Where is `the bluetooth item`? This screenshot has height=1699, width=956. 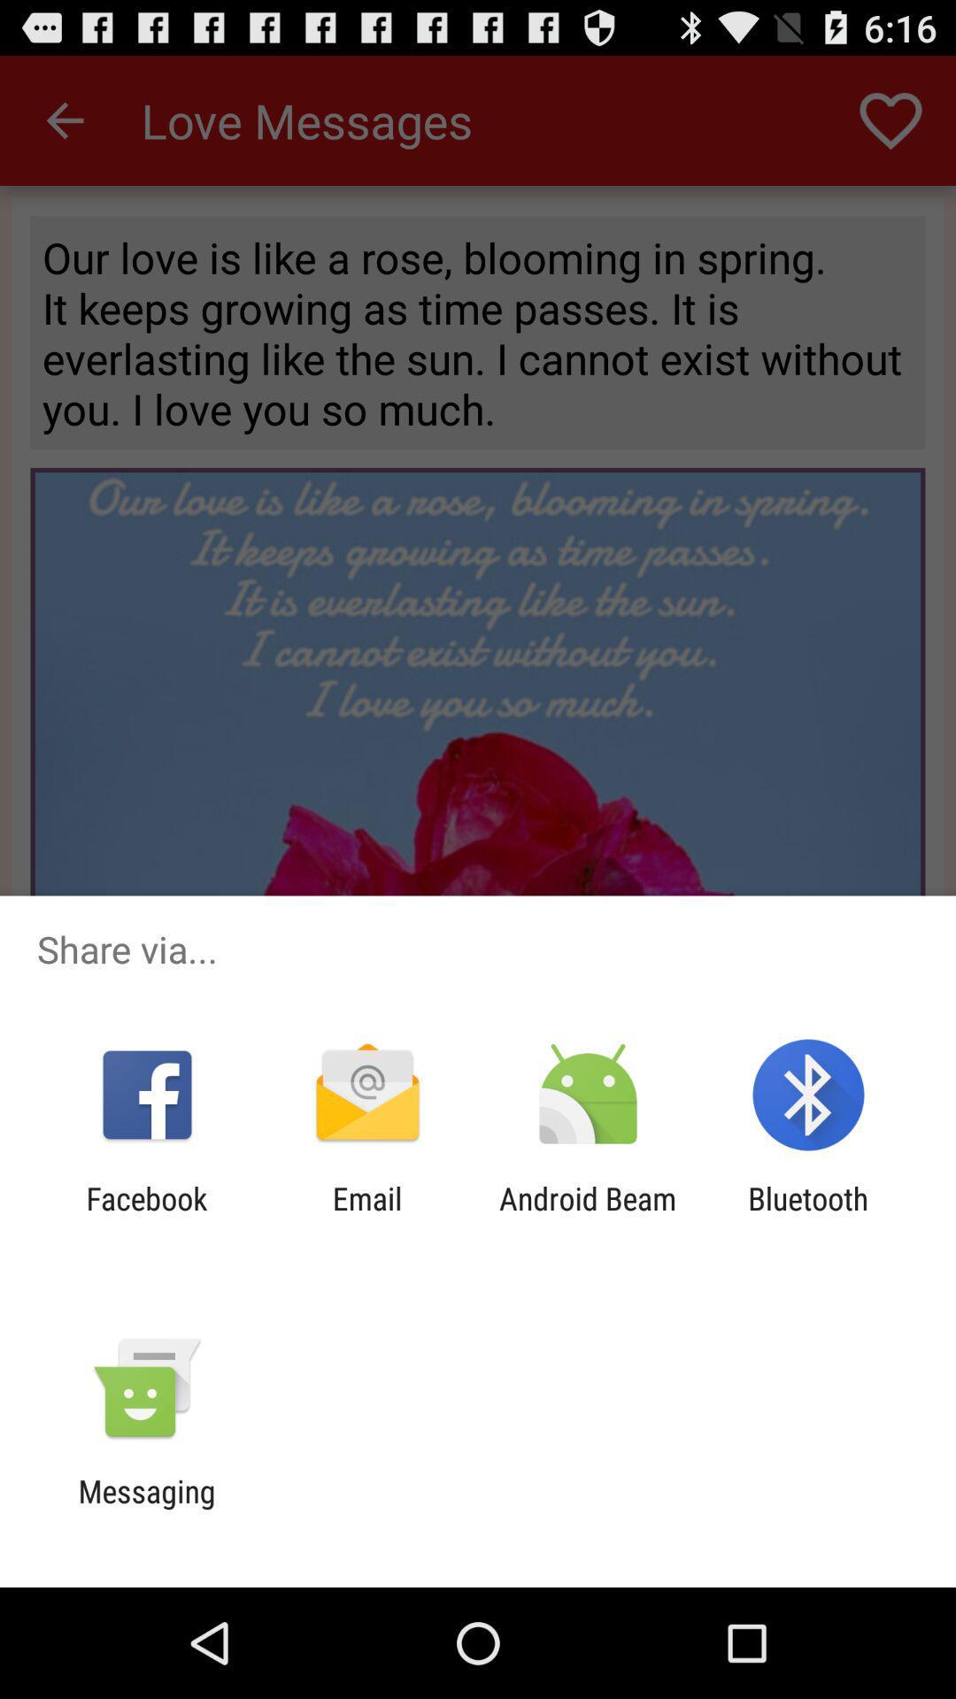 the bluetooth item is located at coordinates (808, 1216).